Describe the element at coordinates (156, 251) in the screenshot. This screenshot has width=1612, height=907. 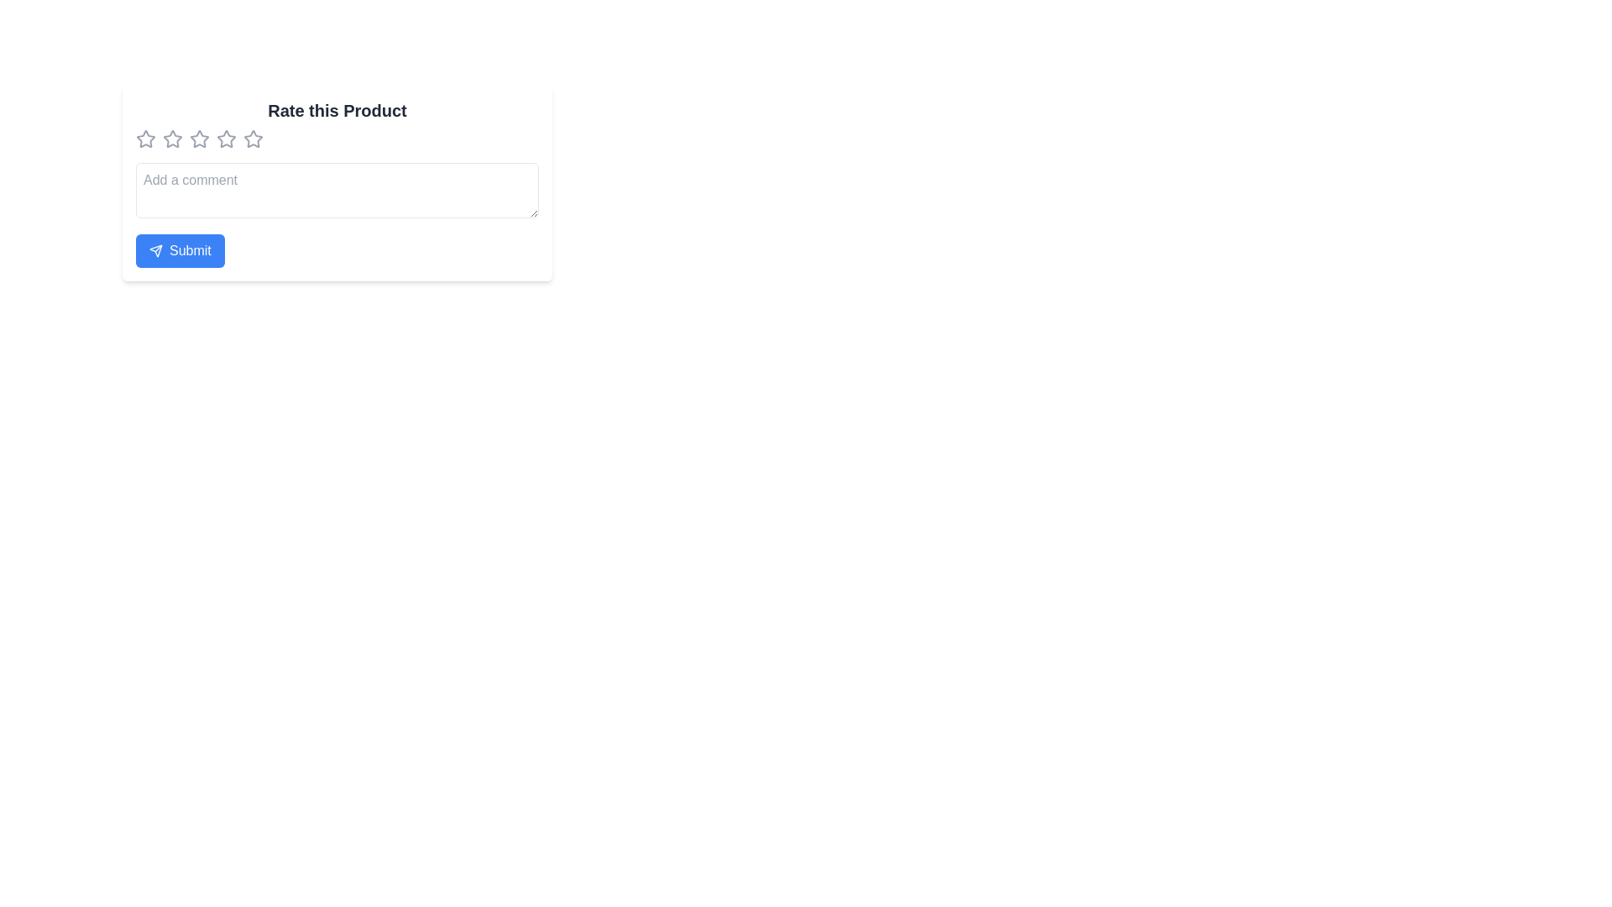
I see `the 'send' SVG icon located within the button at the bottom of the form` at that location.